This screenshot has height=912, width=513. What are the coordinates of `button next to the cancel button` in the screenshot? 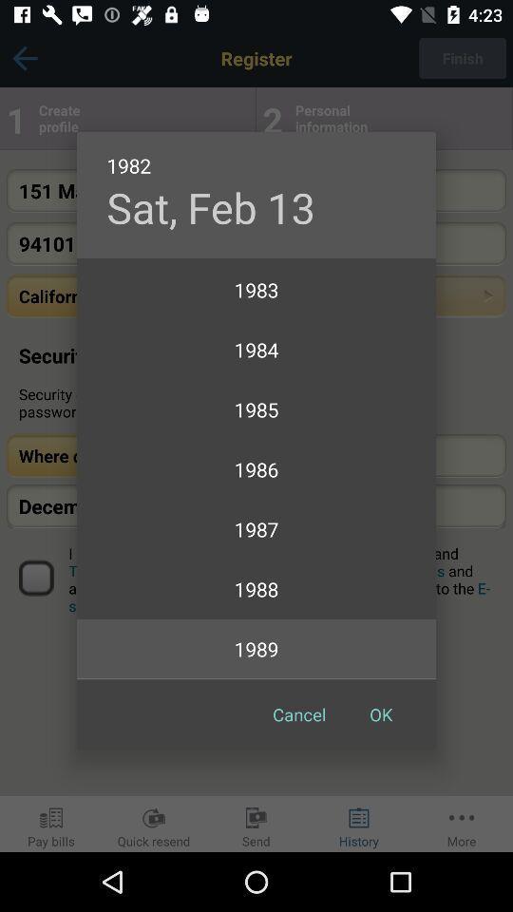 It's located at (381, 713).